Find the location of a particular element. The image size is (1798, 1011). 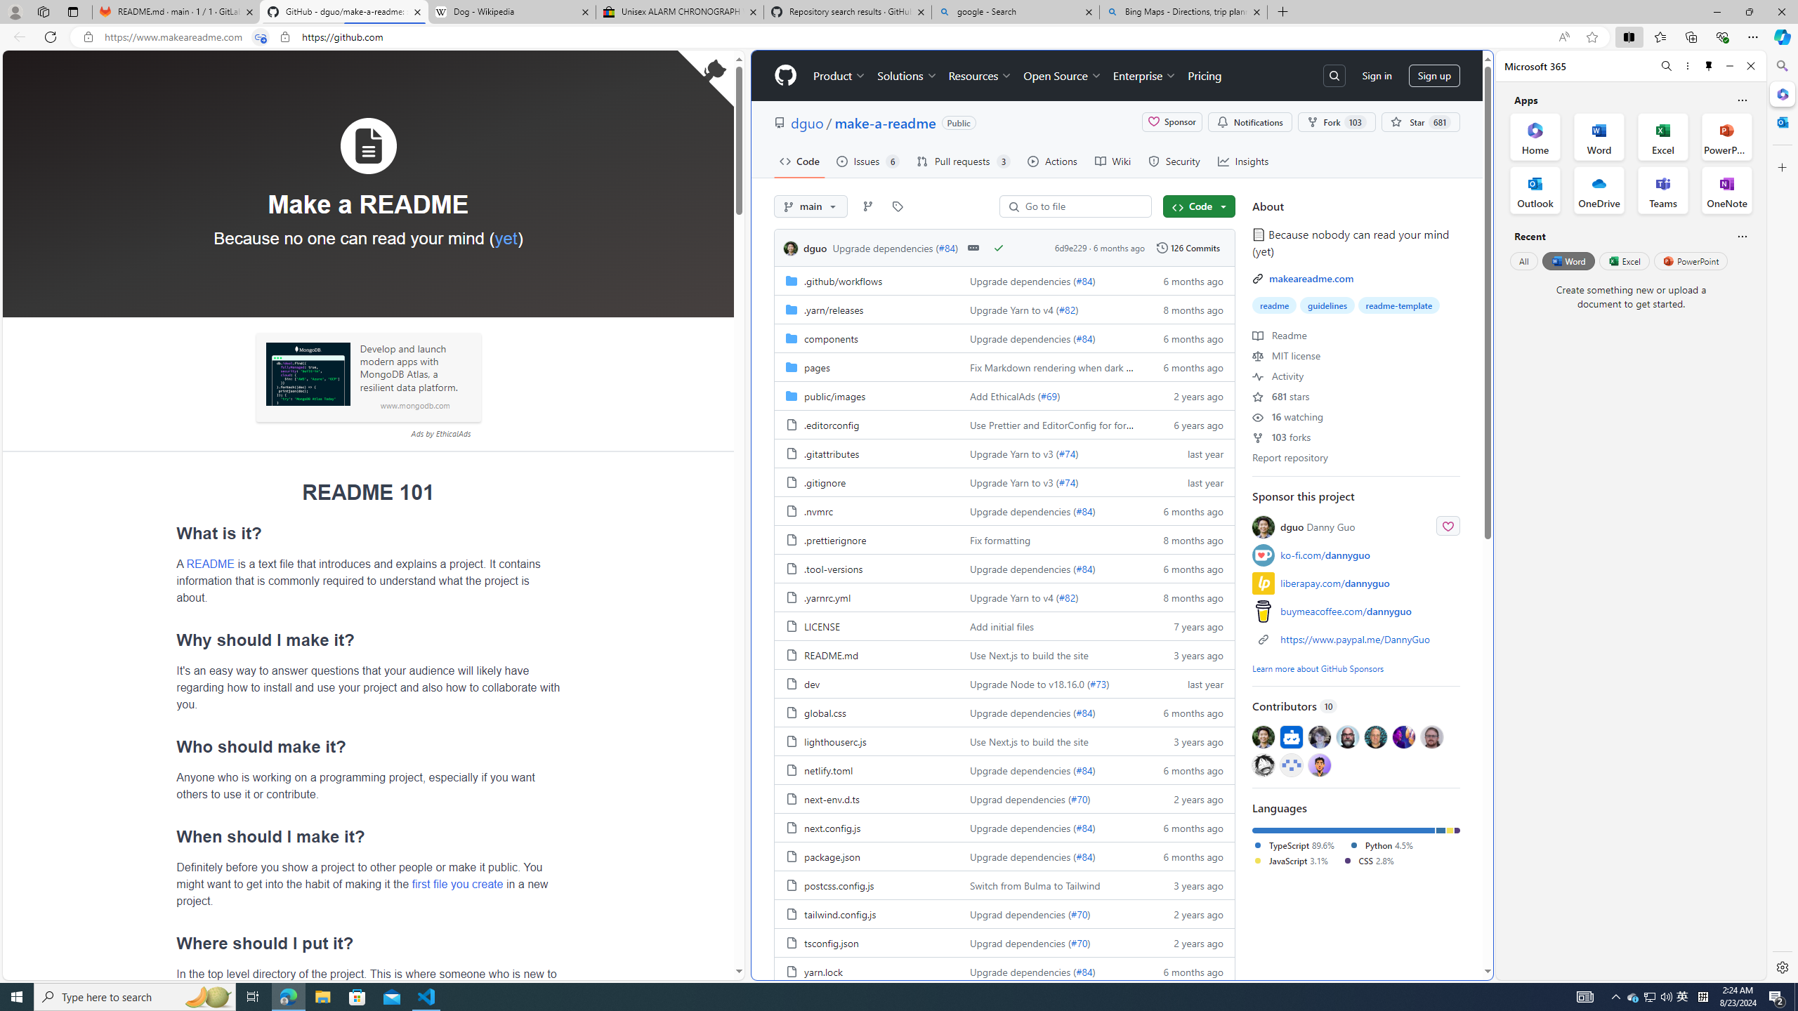

'TypeScript89.6%' is located at coordinates (1299, 845).